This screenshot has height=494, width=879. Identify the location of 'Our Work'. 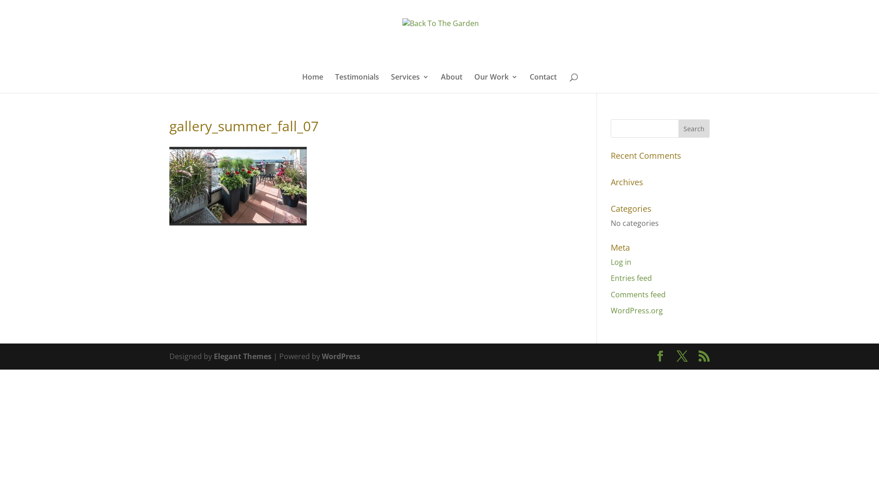
(495, 83).